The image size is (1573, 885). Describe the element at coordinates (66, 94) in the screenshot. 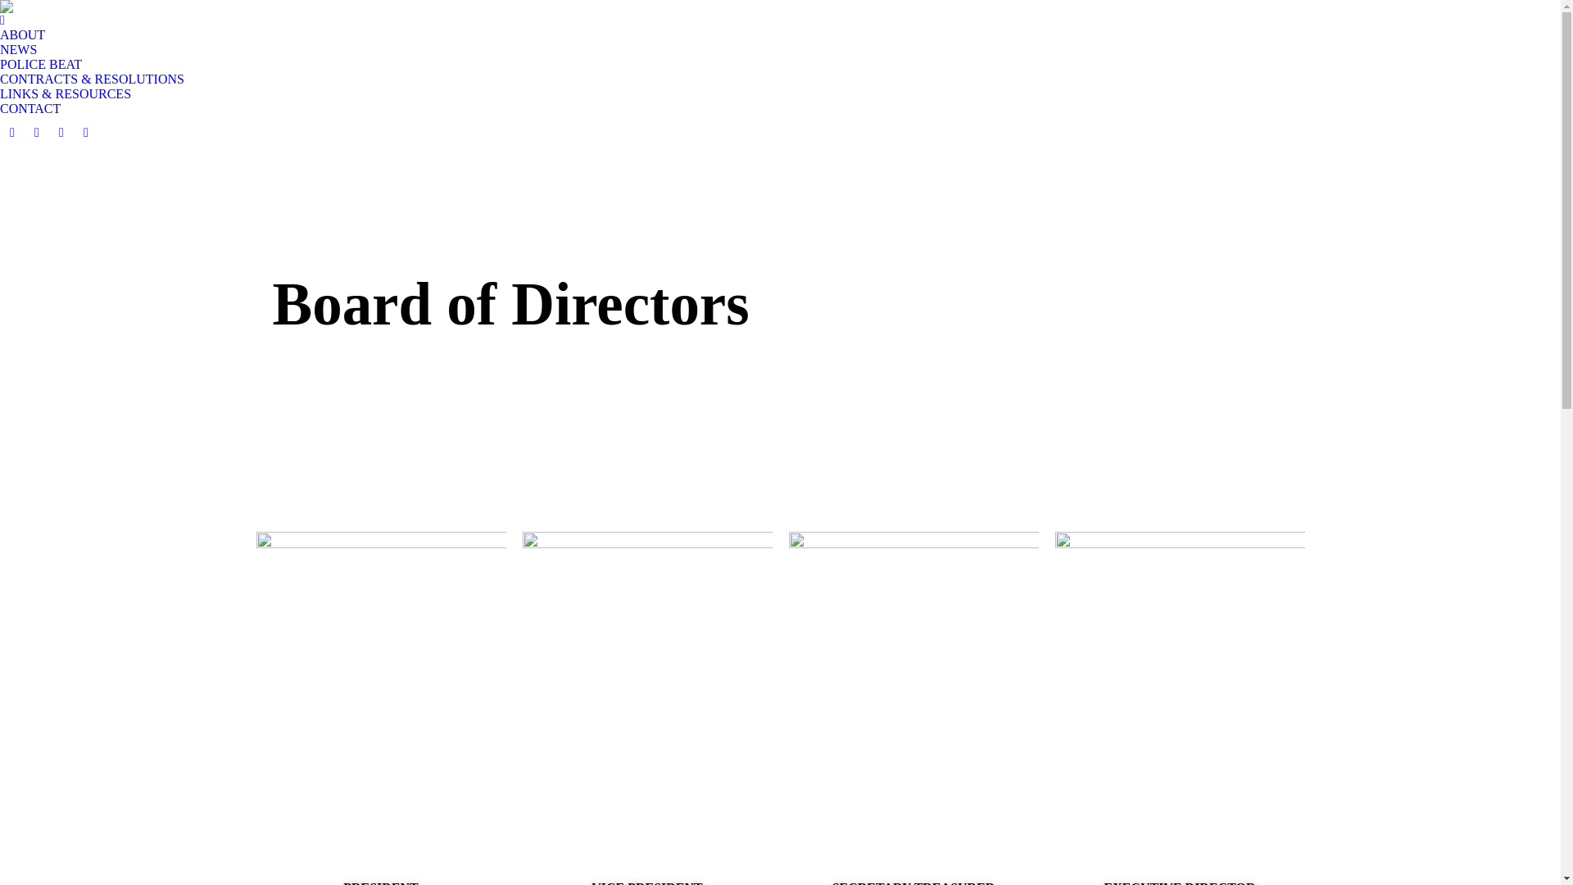

I see `'LINKS & RESOURCES'` at that location.